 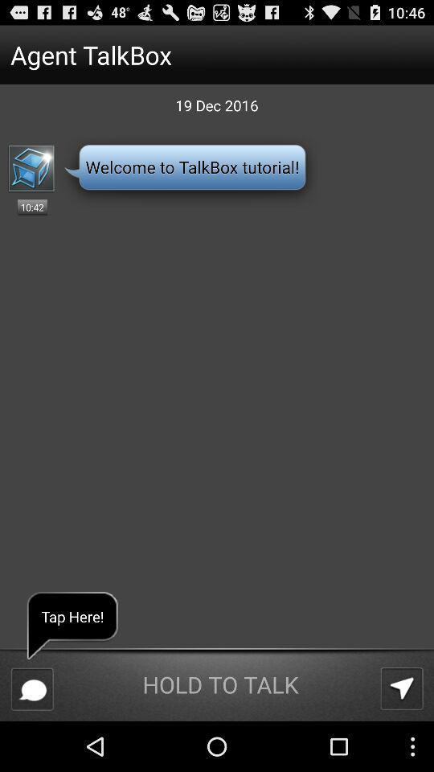 I want to click on item next to the hold to talk item, so click(x=32, y=688).